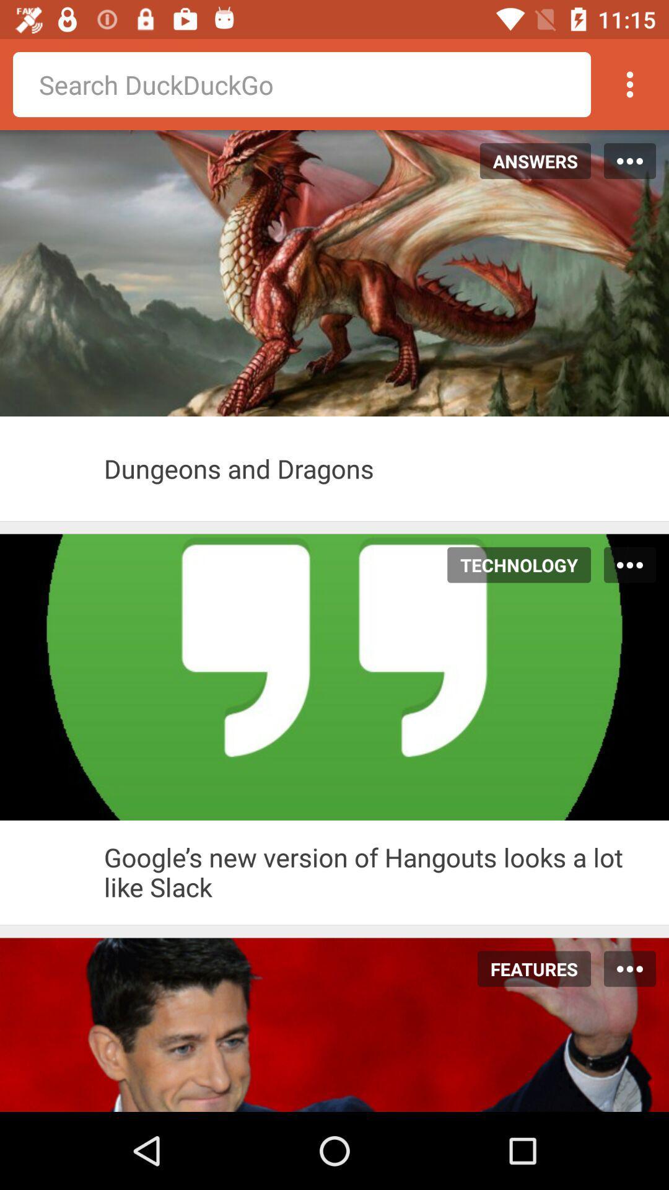  I want to click on search, so click(302, 84).